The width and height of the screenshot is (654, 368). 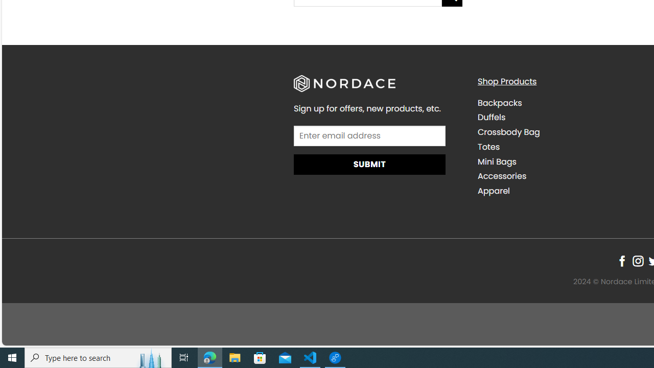 What do you see at coordinates (508, 131) in the screenshot?
I see `'Crossbody Bag'` at bounding box center [508, 131].